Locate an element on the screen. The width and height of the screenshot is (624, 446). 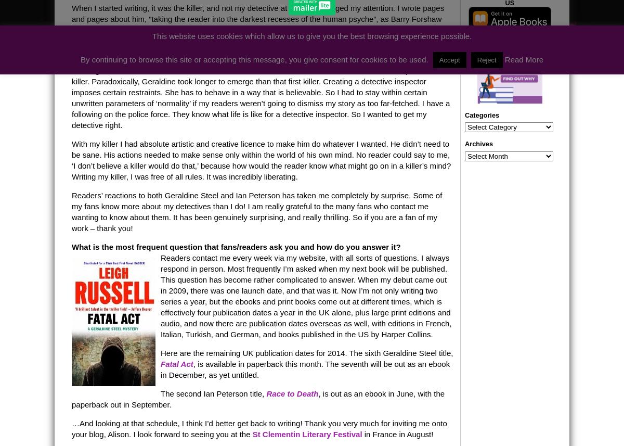
'Readers contact me every week via my website, with all sorts of questions. I always respond in person. Most frequently I’m asked when my next book will be published. This question has become rather complicated to answer. When my debut came out in 2009, there was one launch date, and that was it. Now I’m not only writing two series a year, but the ebooks and print books come out at different times, which is effectively four publication dates a year in the UK alone, plus large print editions and audio, and now there are publication dates overseas as well, with editions in French, Italian, Turkish, and German, and books published in the US by Harper Collins.' is located at coordinates (305, 296).